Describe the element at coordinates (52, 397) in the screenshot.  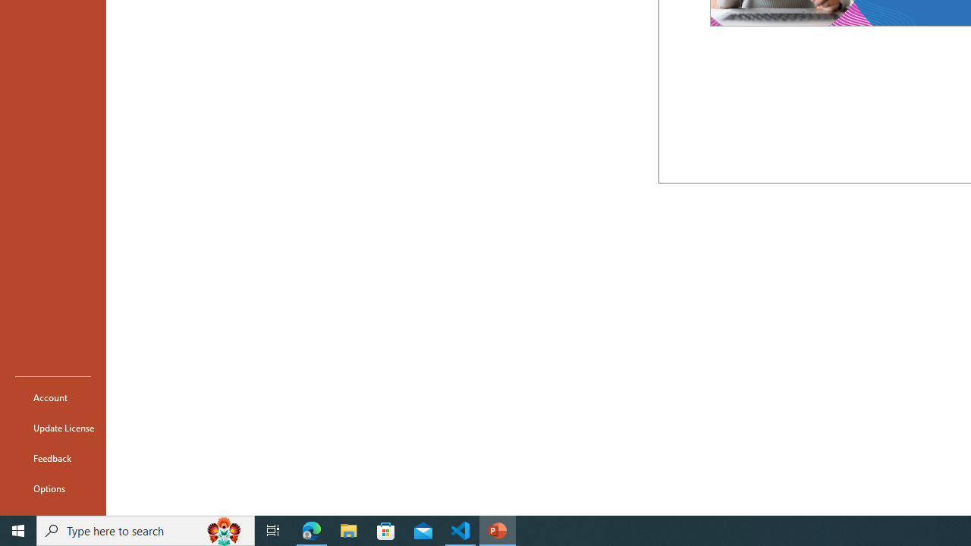
I see `'Account'` at that location.